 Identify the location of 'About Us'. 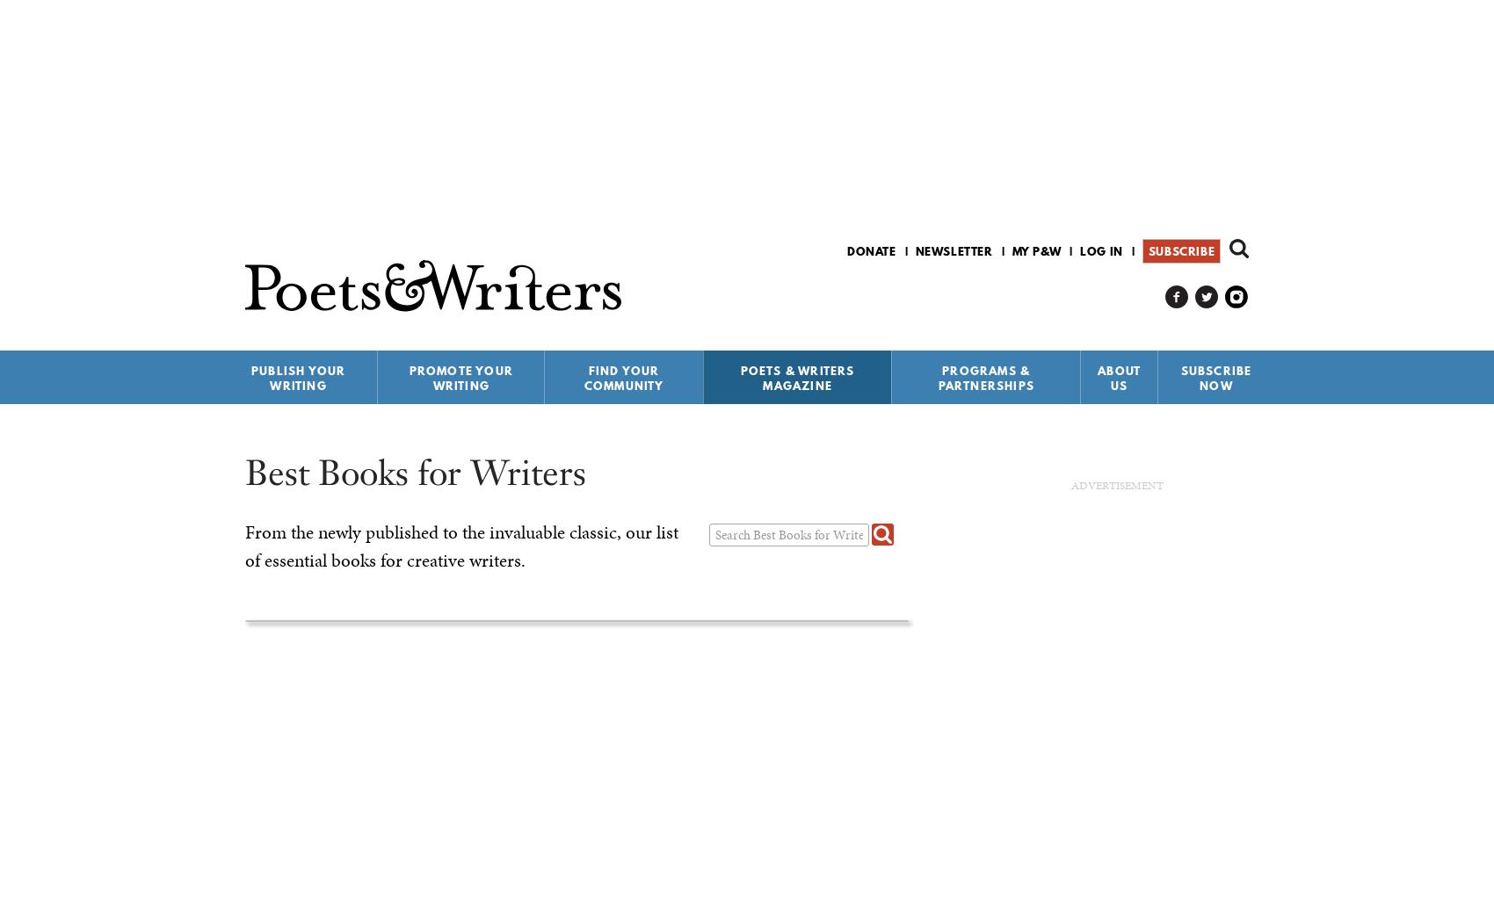
(1118, 377).